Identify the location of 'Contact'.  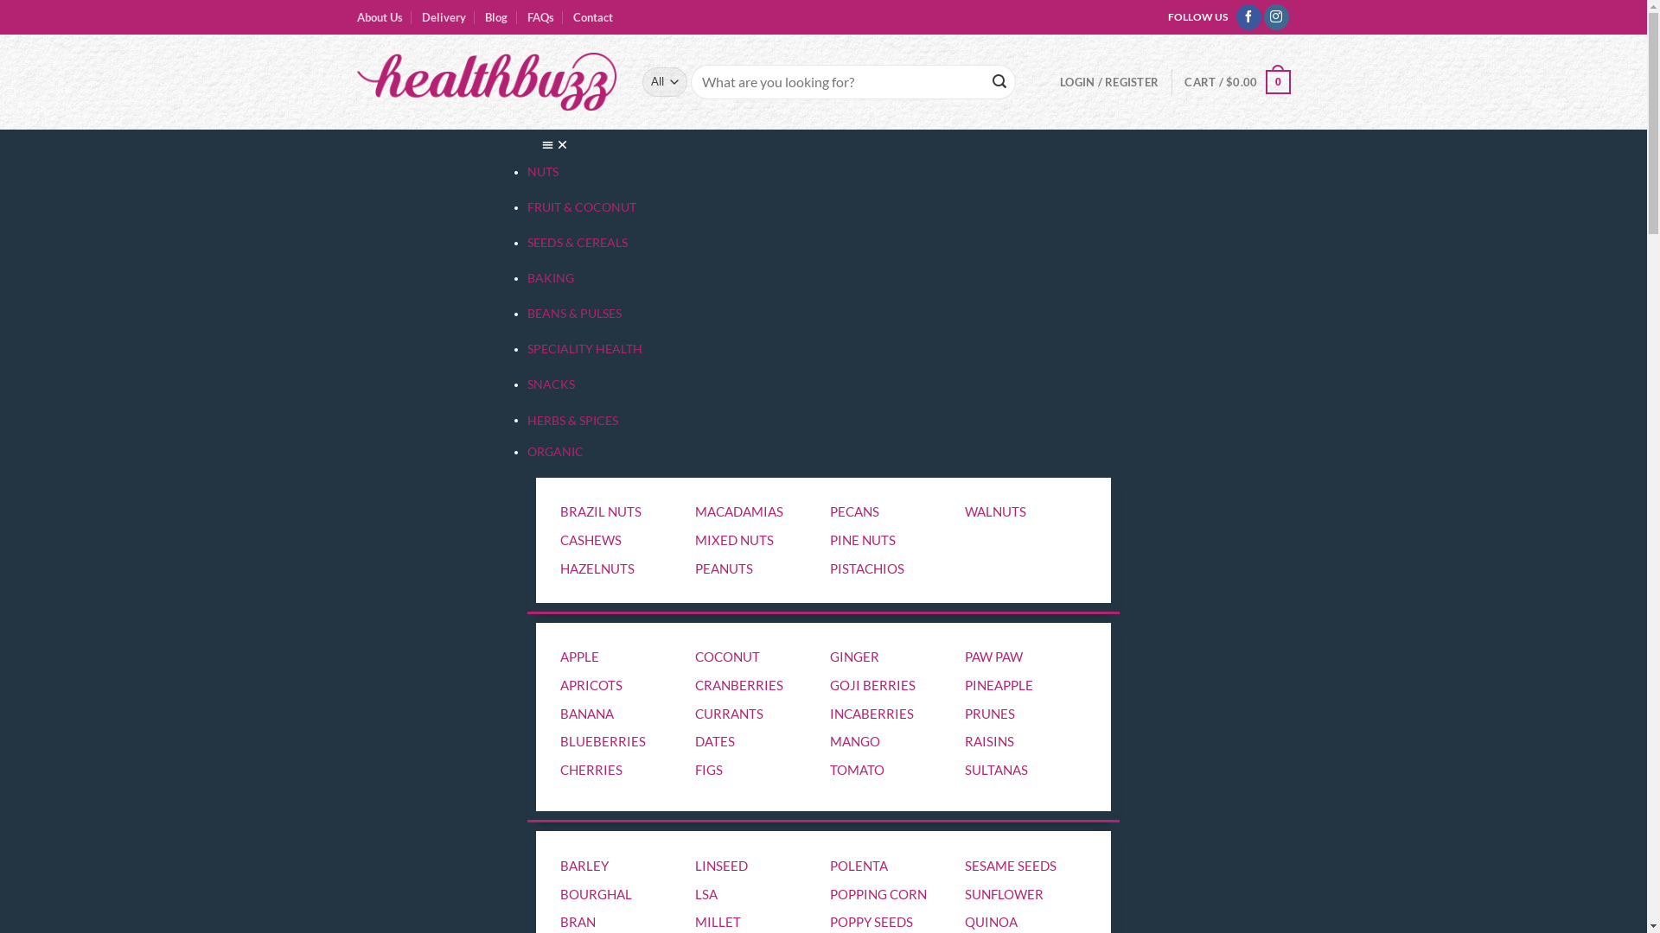
(593, 16).